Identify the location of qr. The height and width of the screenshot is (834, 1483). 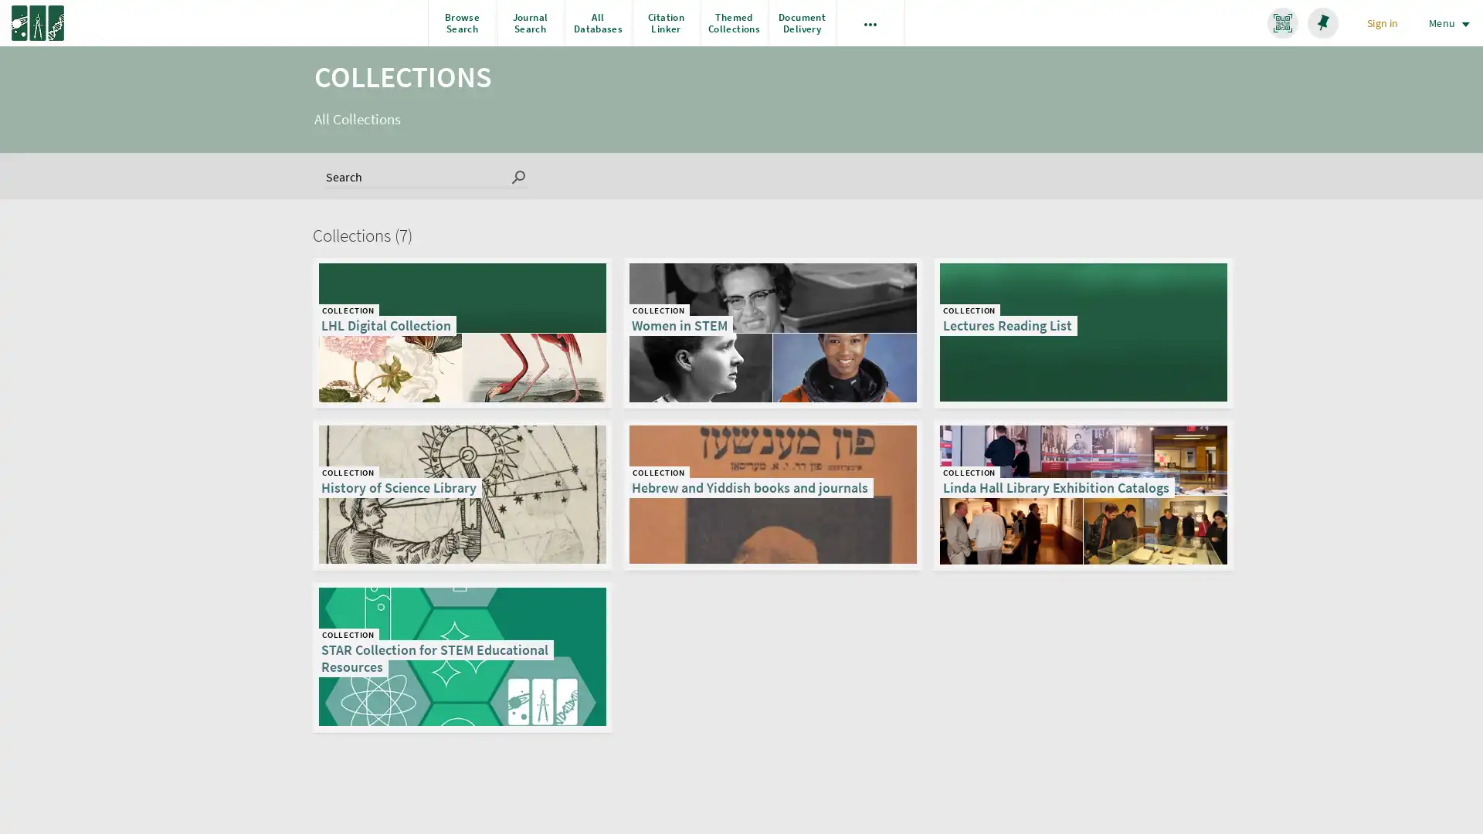
(1282, 23).